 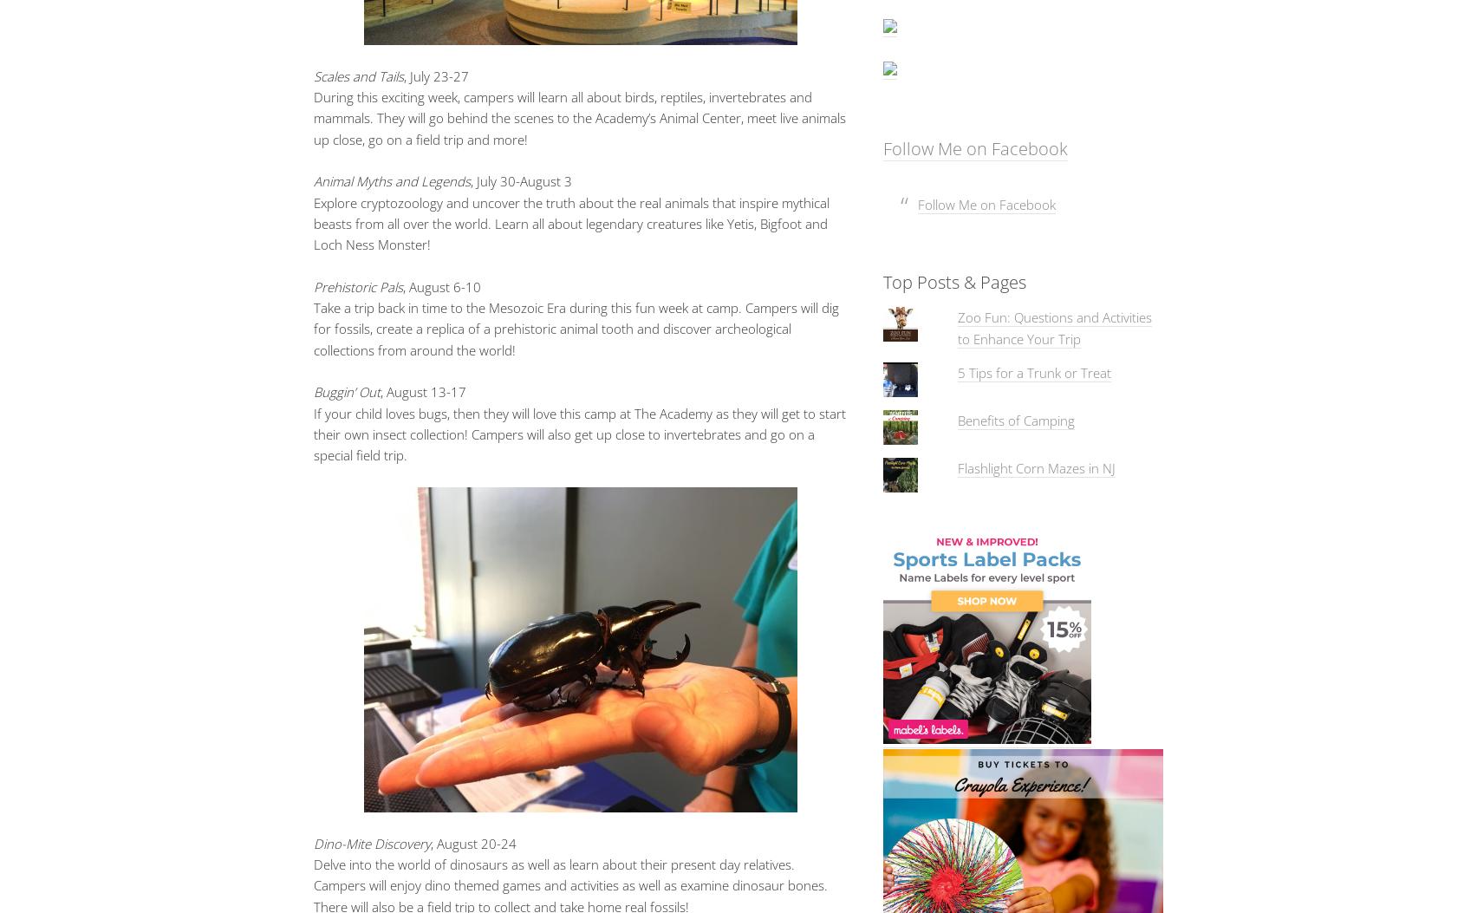 What do you see at coordinates (423, 390) in the screenshot?
I see `', August 13-17'` at bounding box center [423, 390].